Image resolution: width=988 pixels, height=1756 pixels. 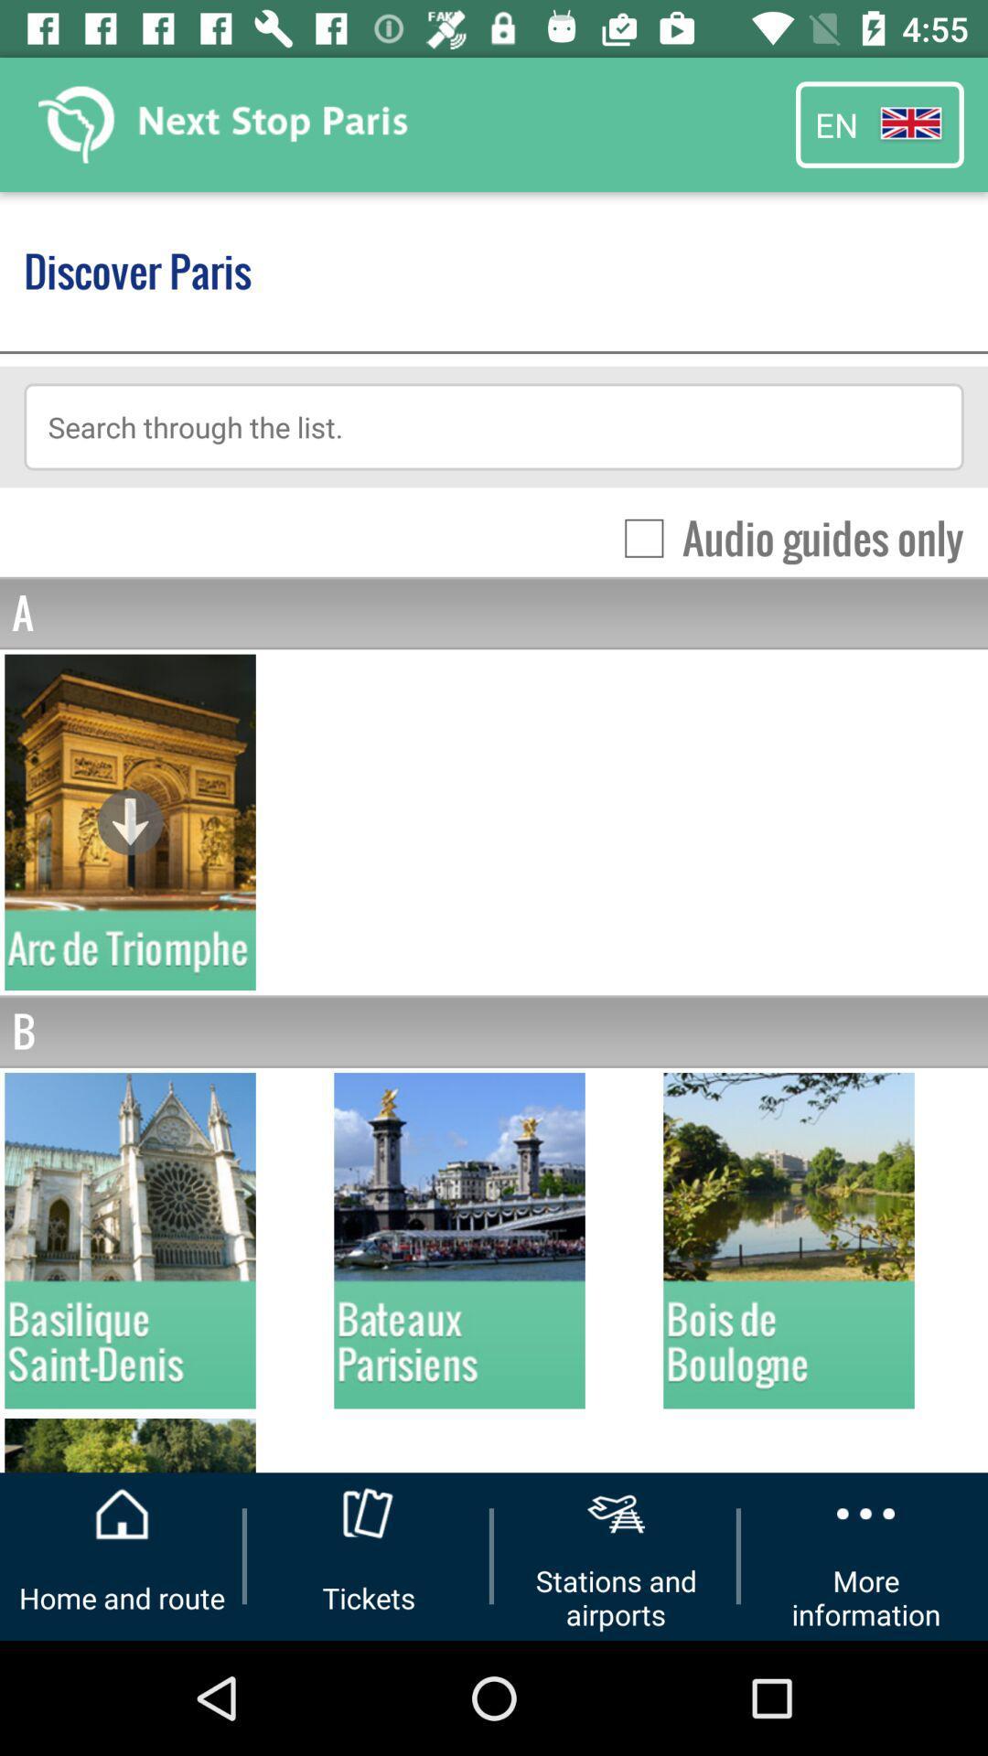 What do you see at coordinates (783, 537) in the screenshot?
I see `icon above a` at bounding box center [783, 537].